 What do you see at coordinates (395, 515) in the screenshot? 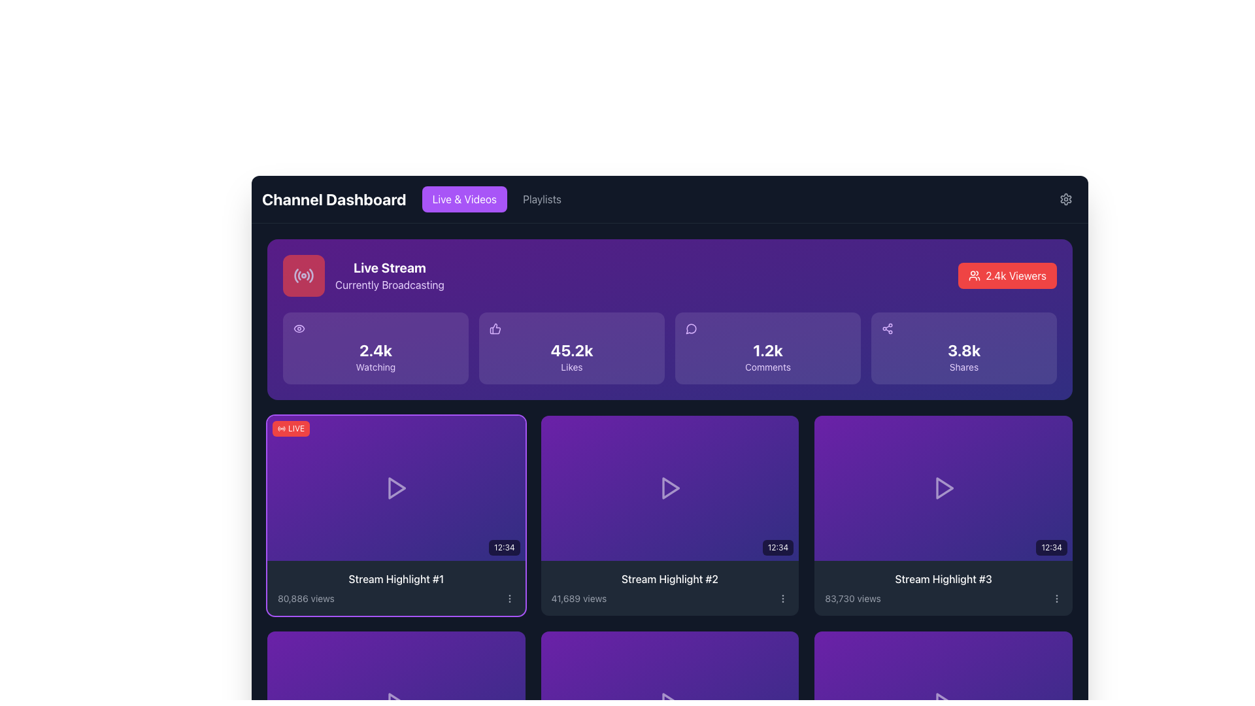
I see `the Video highlight card located at the top-left corner of the grid layout` at bounding box center [395, 515].